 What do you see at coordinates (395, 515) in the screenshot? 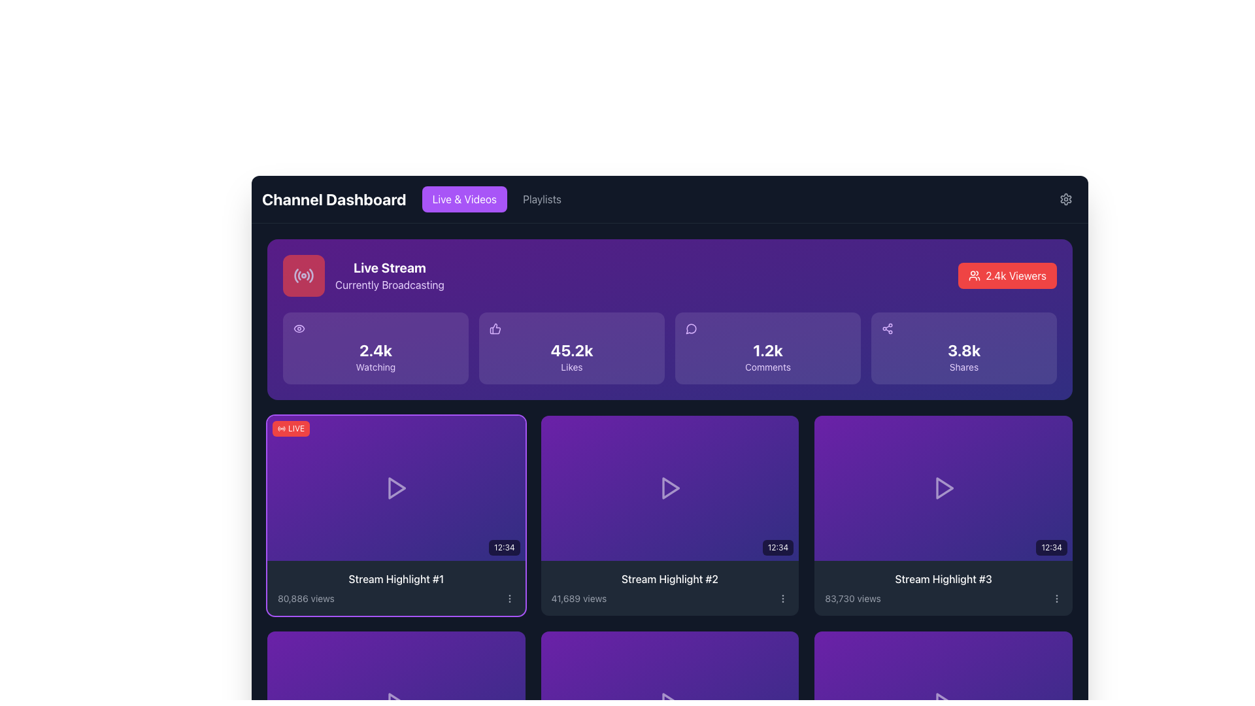
I see `the Video highlight card located at the top-left corner of the grid layout` at bounding box center [395, 515].